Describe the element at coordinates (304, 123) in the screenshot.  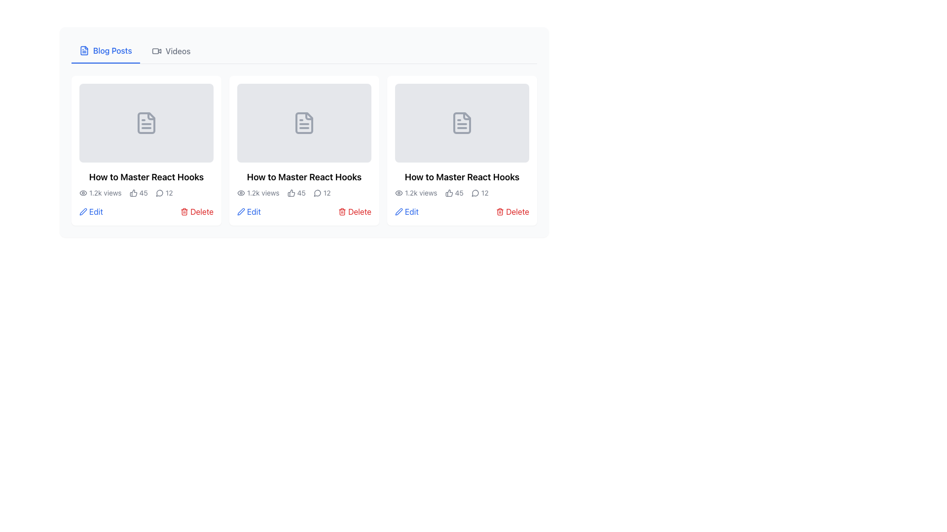
I see `the icon representing the blog post in the upper half of the second card in a group of three horizontally laid out cards` at that location.